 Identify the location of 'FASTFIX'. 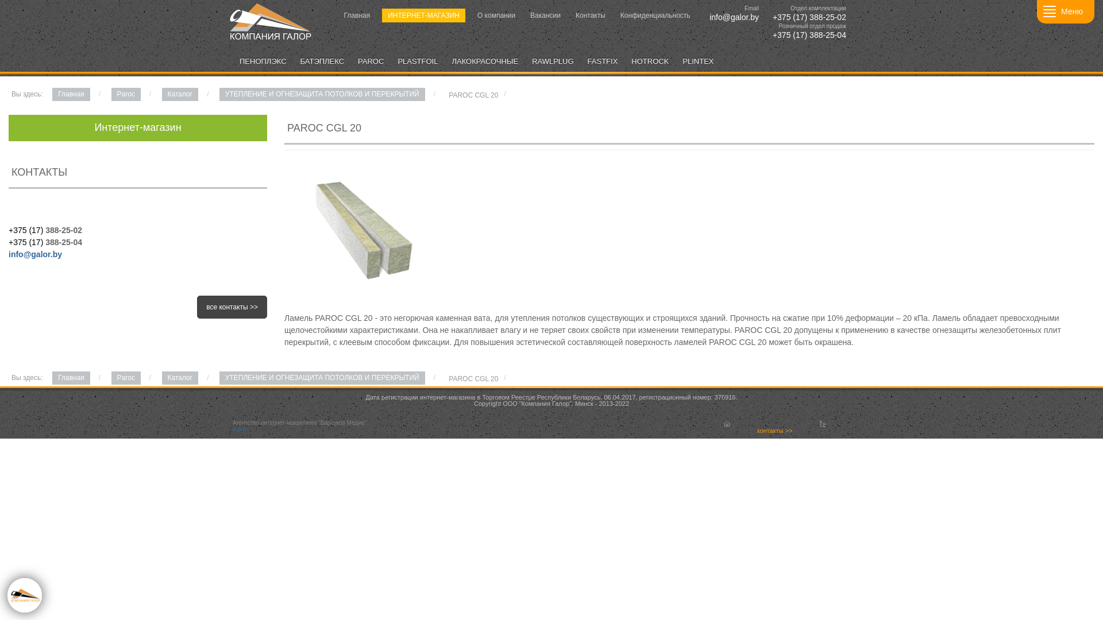
(602, 61).